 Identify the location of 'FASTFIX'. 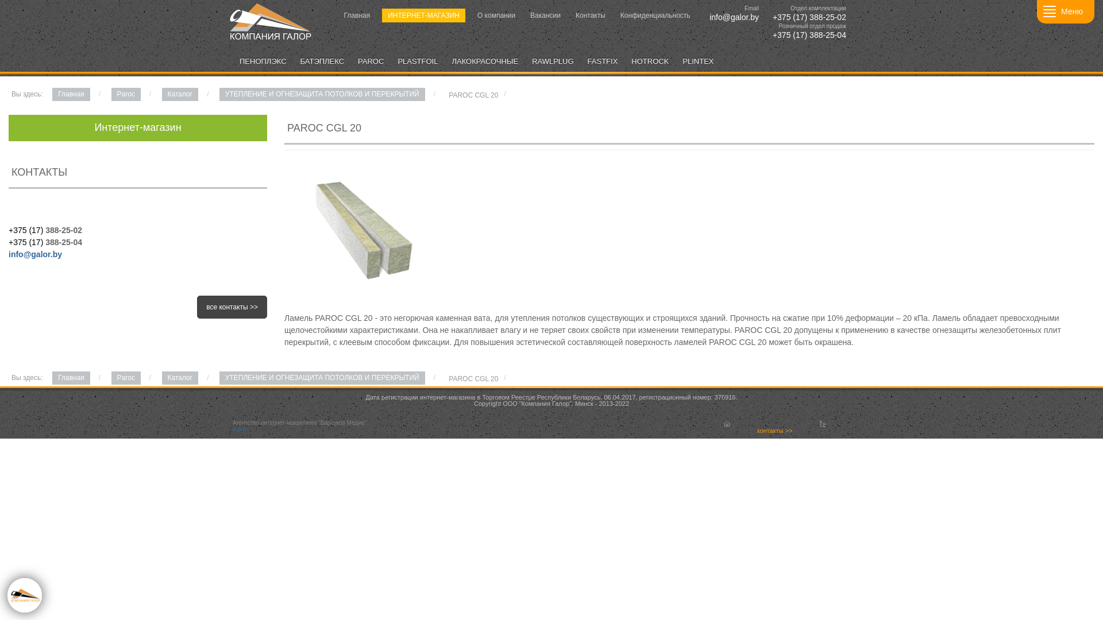
(602, 61).